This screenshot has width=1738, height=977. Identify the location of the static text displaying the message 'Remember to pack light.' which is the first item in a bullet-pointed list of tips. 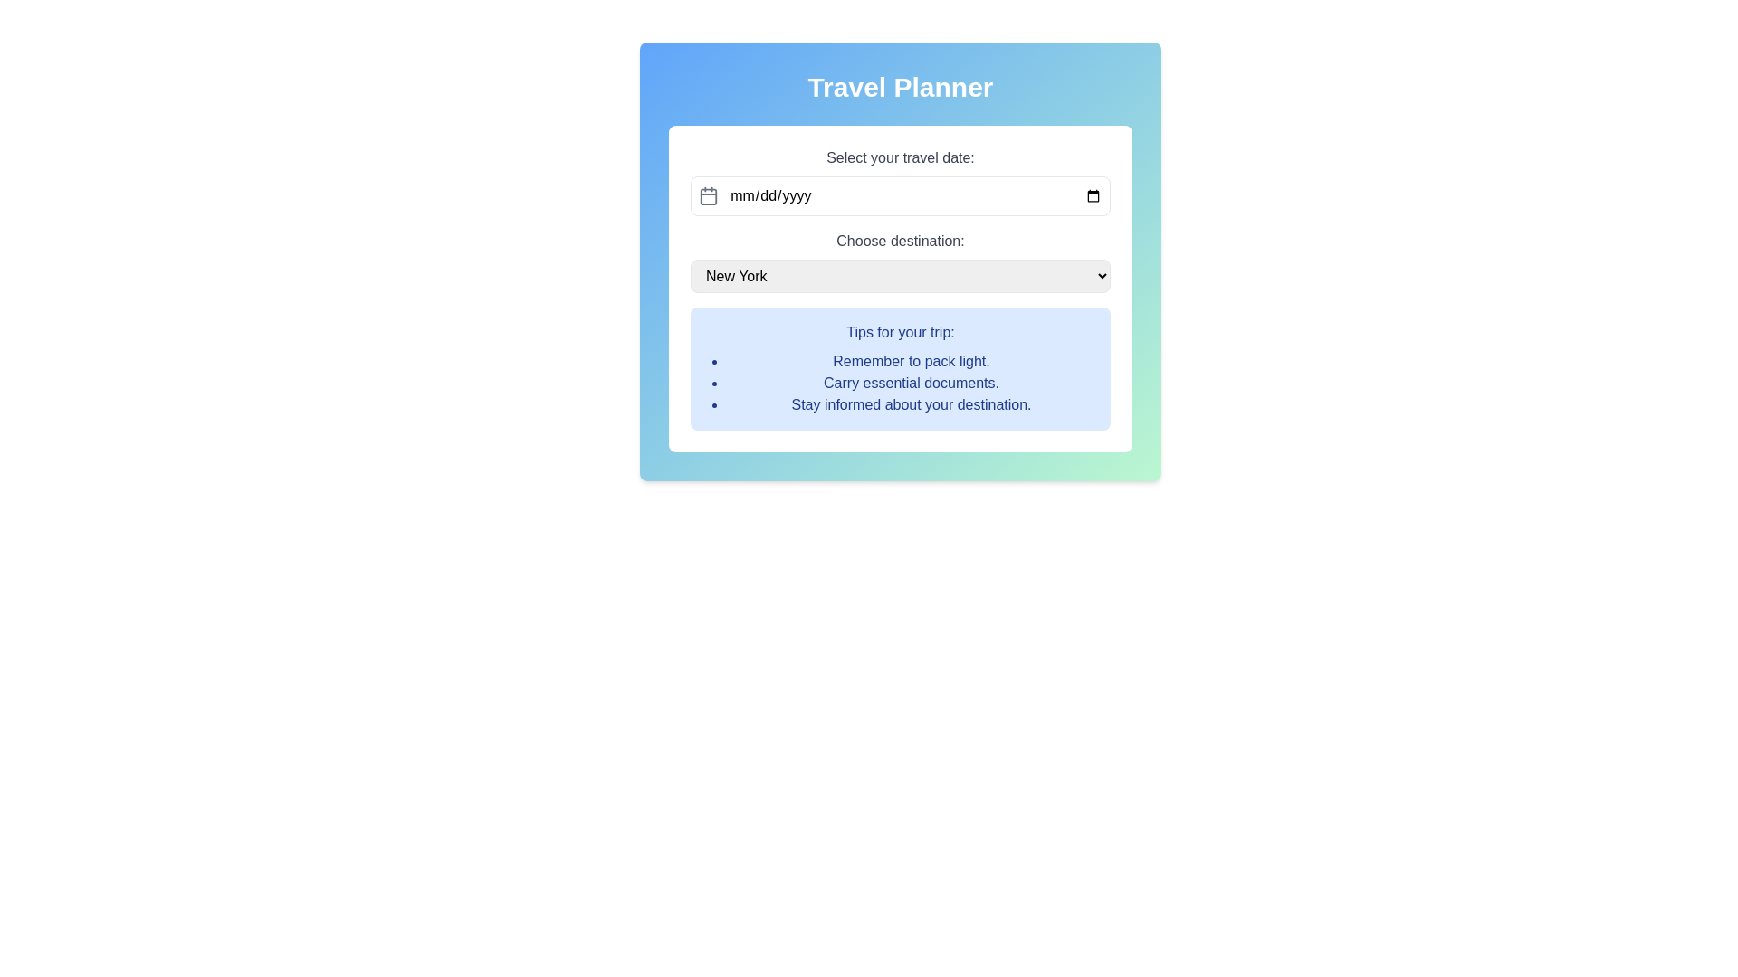
(912, 362).